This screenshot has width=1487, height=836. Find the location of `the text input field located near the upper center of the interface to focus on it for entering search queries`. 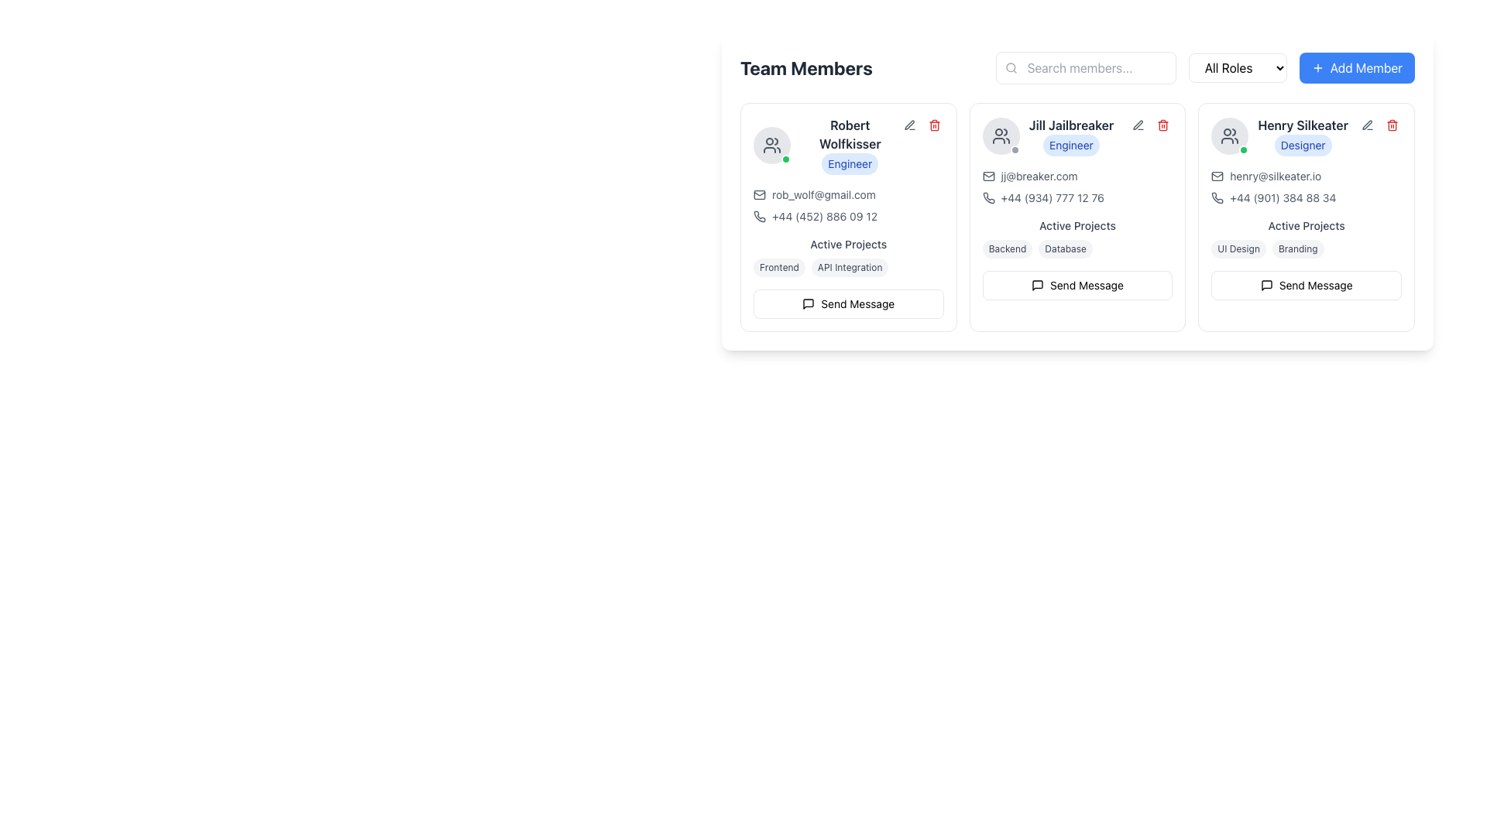

the text input field located near the upper center of the interface to focus on it for entering search queries is located at coordinates (1084, 67).